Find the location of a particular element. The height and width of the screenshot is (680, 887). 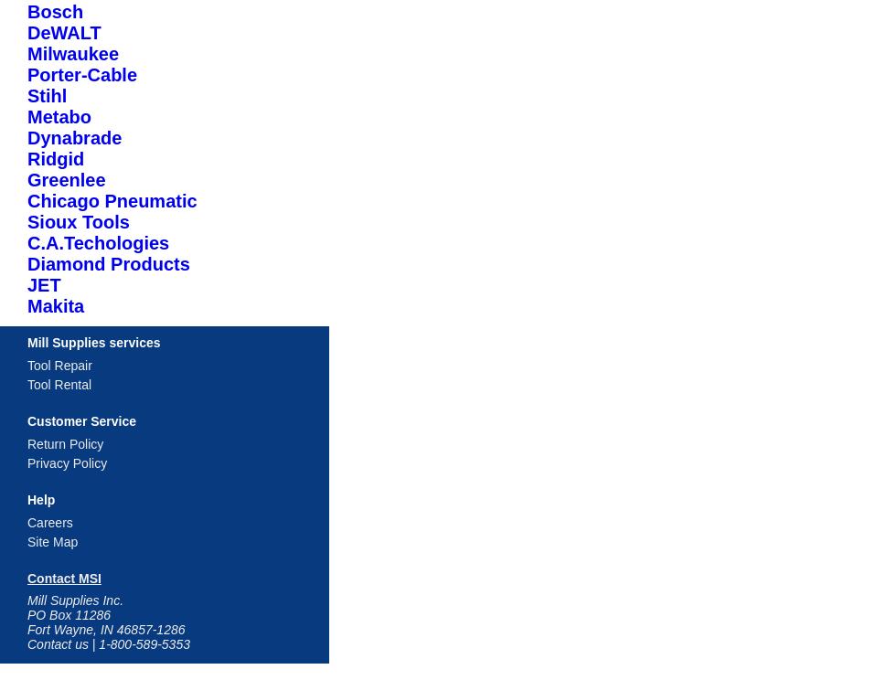

'Tool Rental' is located at coordinates (27, 384).